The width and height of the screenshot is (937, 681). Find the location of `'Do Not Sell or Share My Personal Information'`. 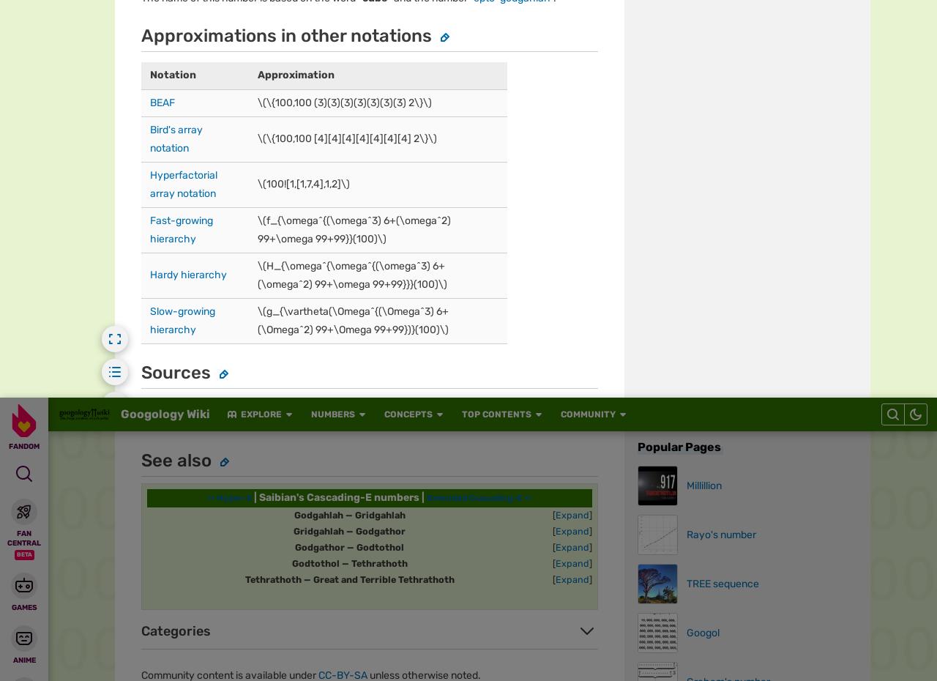

'Do Not Sell or Share My Personal Information' is located at coordinates (575, 72).